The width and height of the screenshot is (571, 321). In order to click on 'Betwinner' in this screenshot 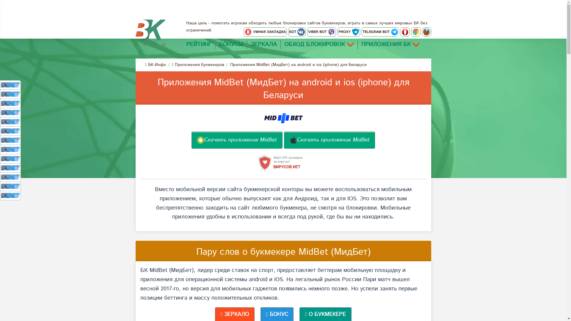, I will do `click(10, 121)`.